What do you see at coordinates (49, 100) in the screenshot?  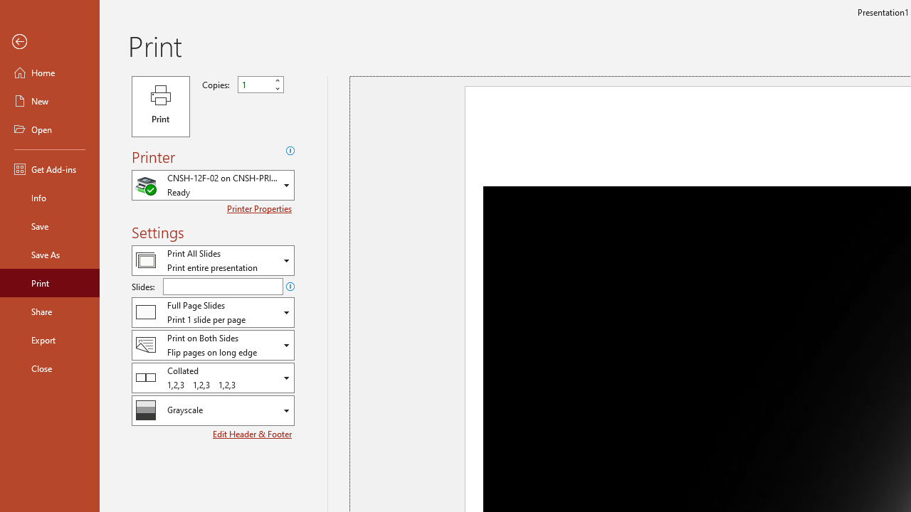 I see `'New'` at bounding box center [49, 100].